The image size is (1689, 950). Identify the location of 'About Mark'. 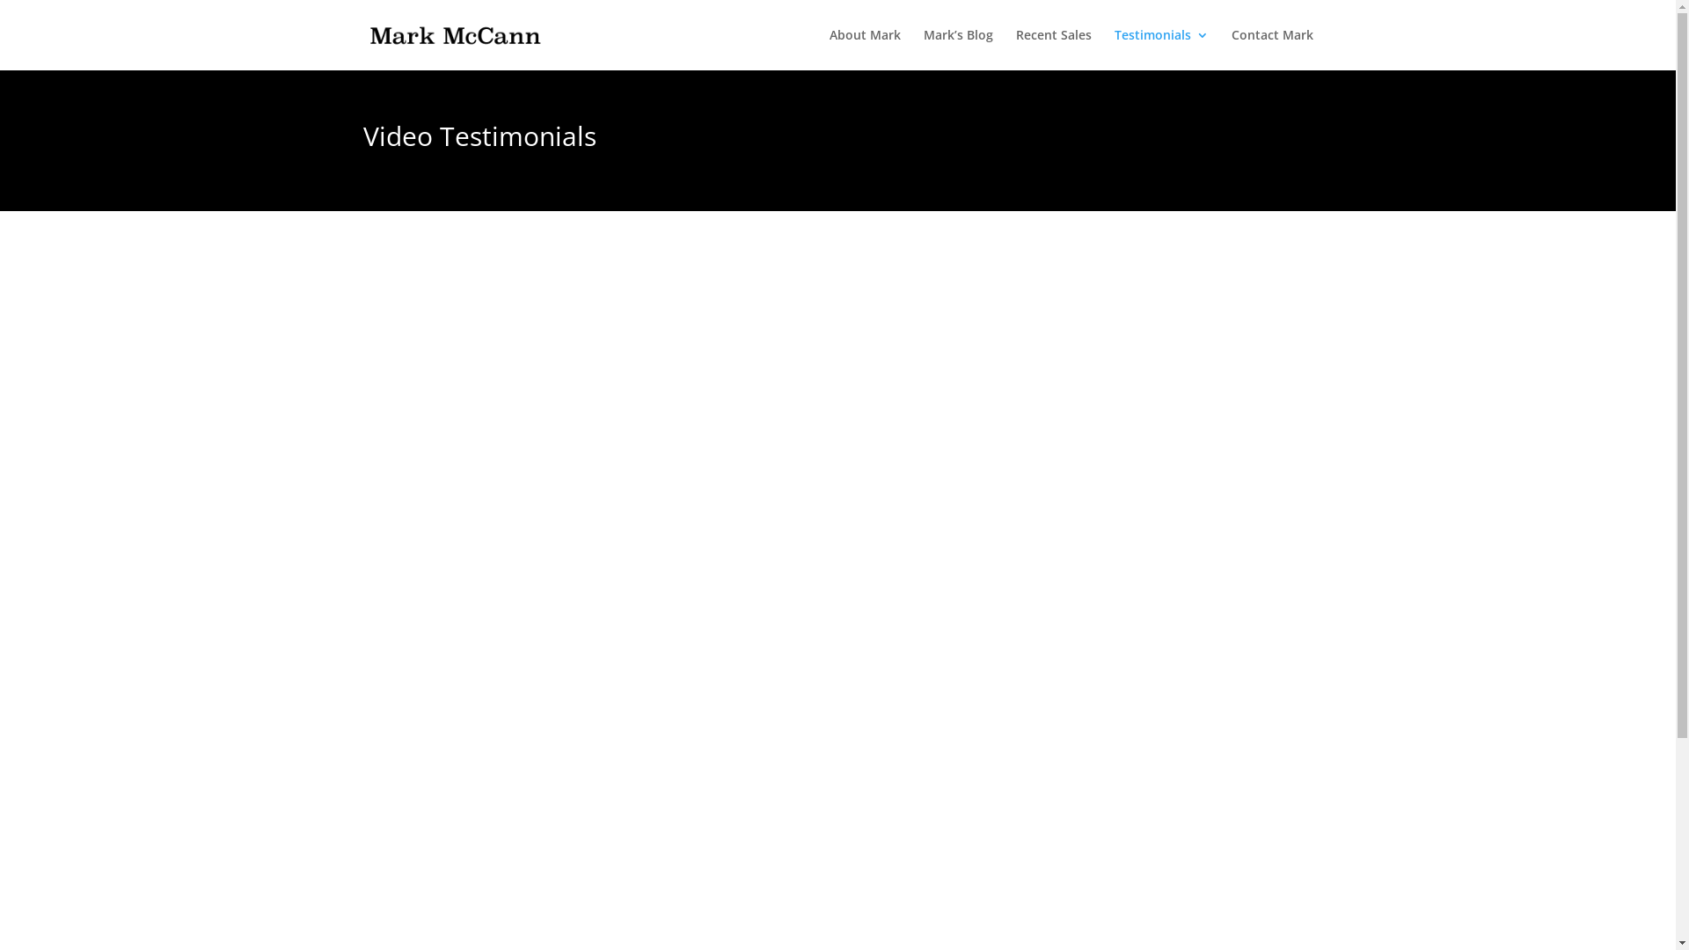
(864, 48).